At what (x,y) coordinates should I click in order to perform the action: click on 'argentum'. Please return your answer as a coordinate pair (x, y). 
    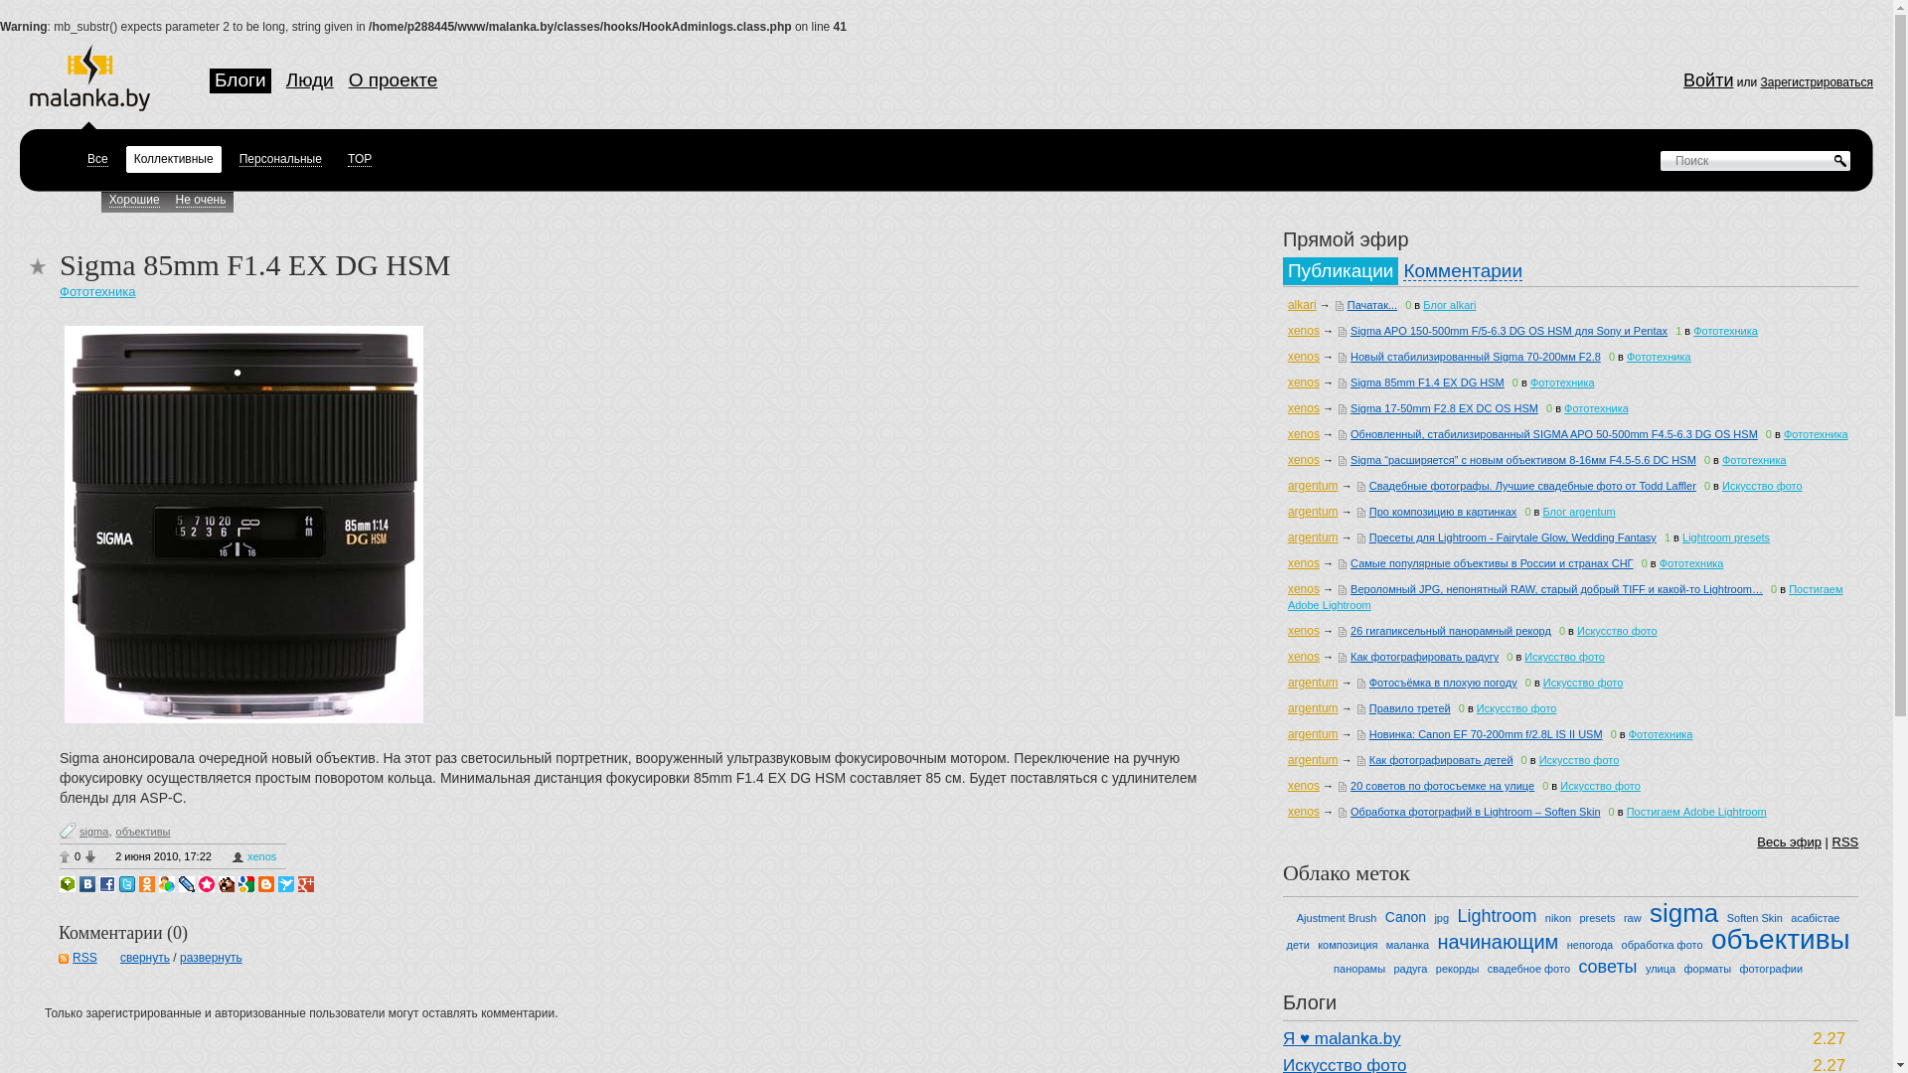
    Looking at the image, I should click on (1288, 734).